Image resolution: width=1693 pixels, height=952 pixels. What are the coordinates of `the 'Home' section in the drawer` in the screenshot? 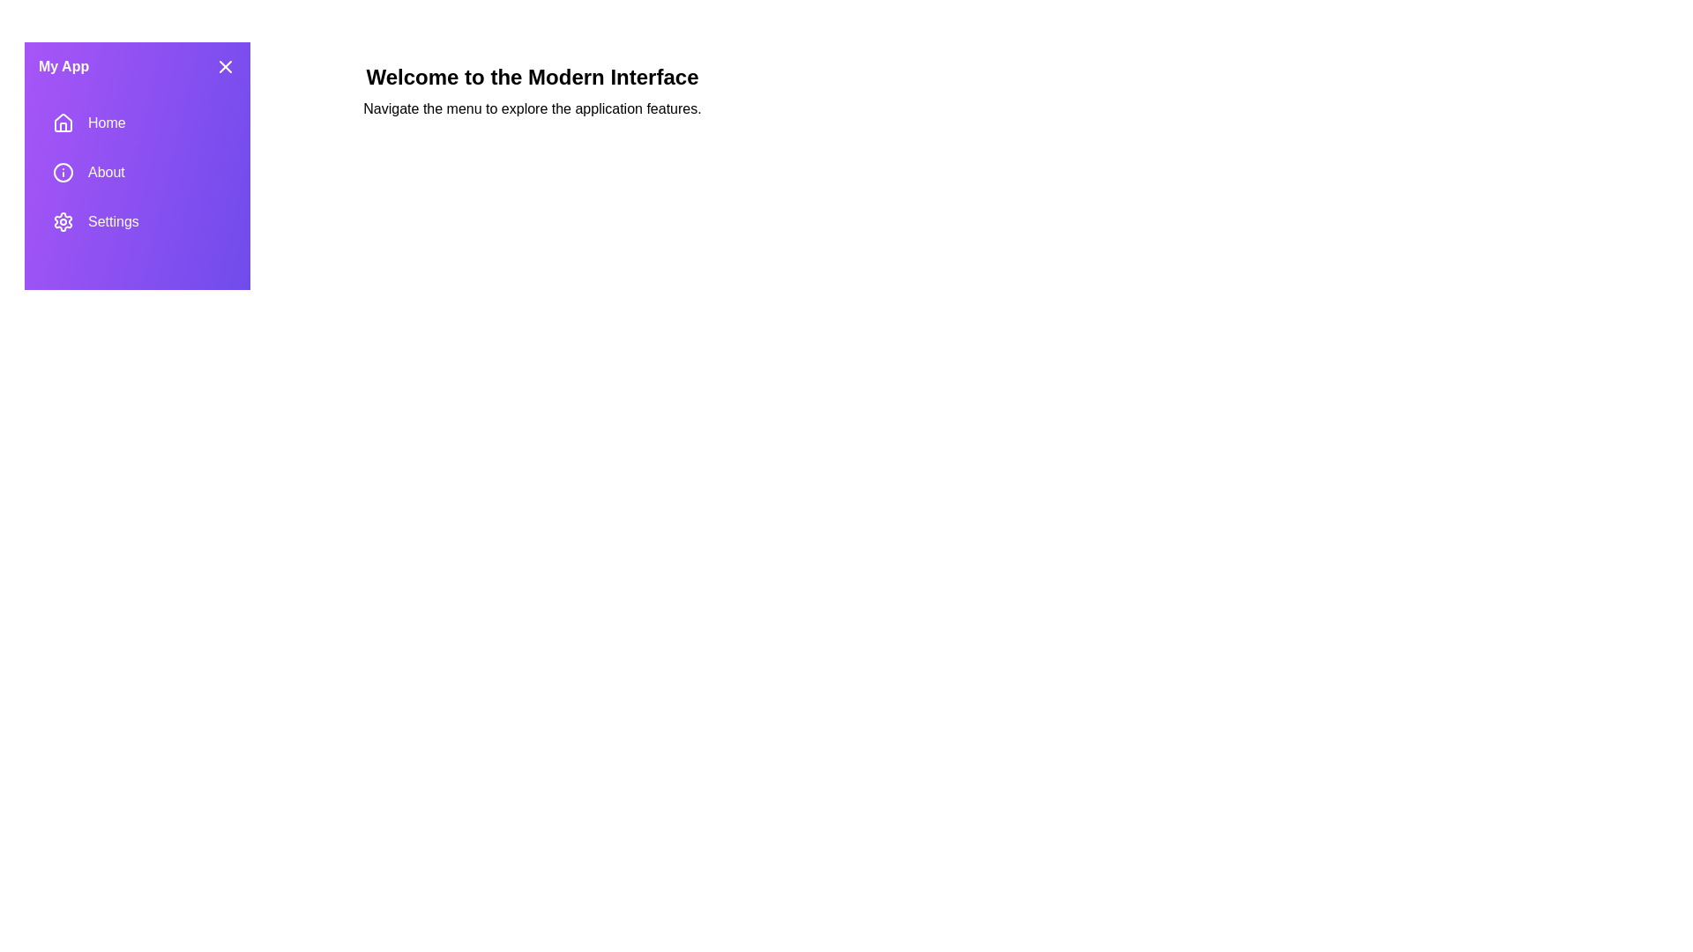 It's located at (137, 122).